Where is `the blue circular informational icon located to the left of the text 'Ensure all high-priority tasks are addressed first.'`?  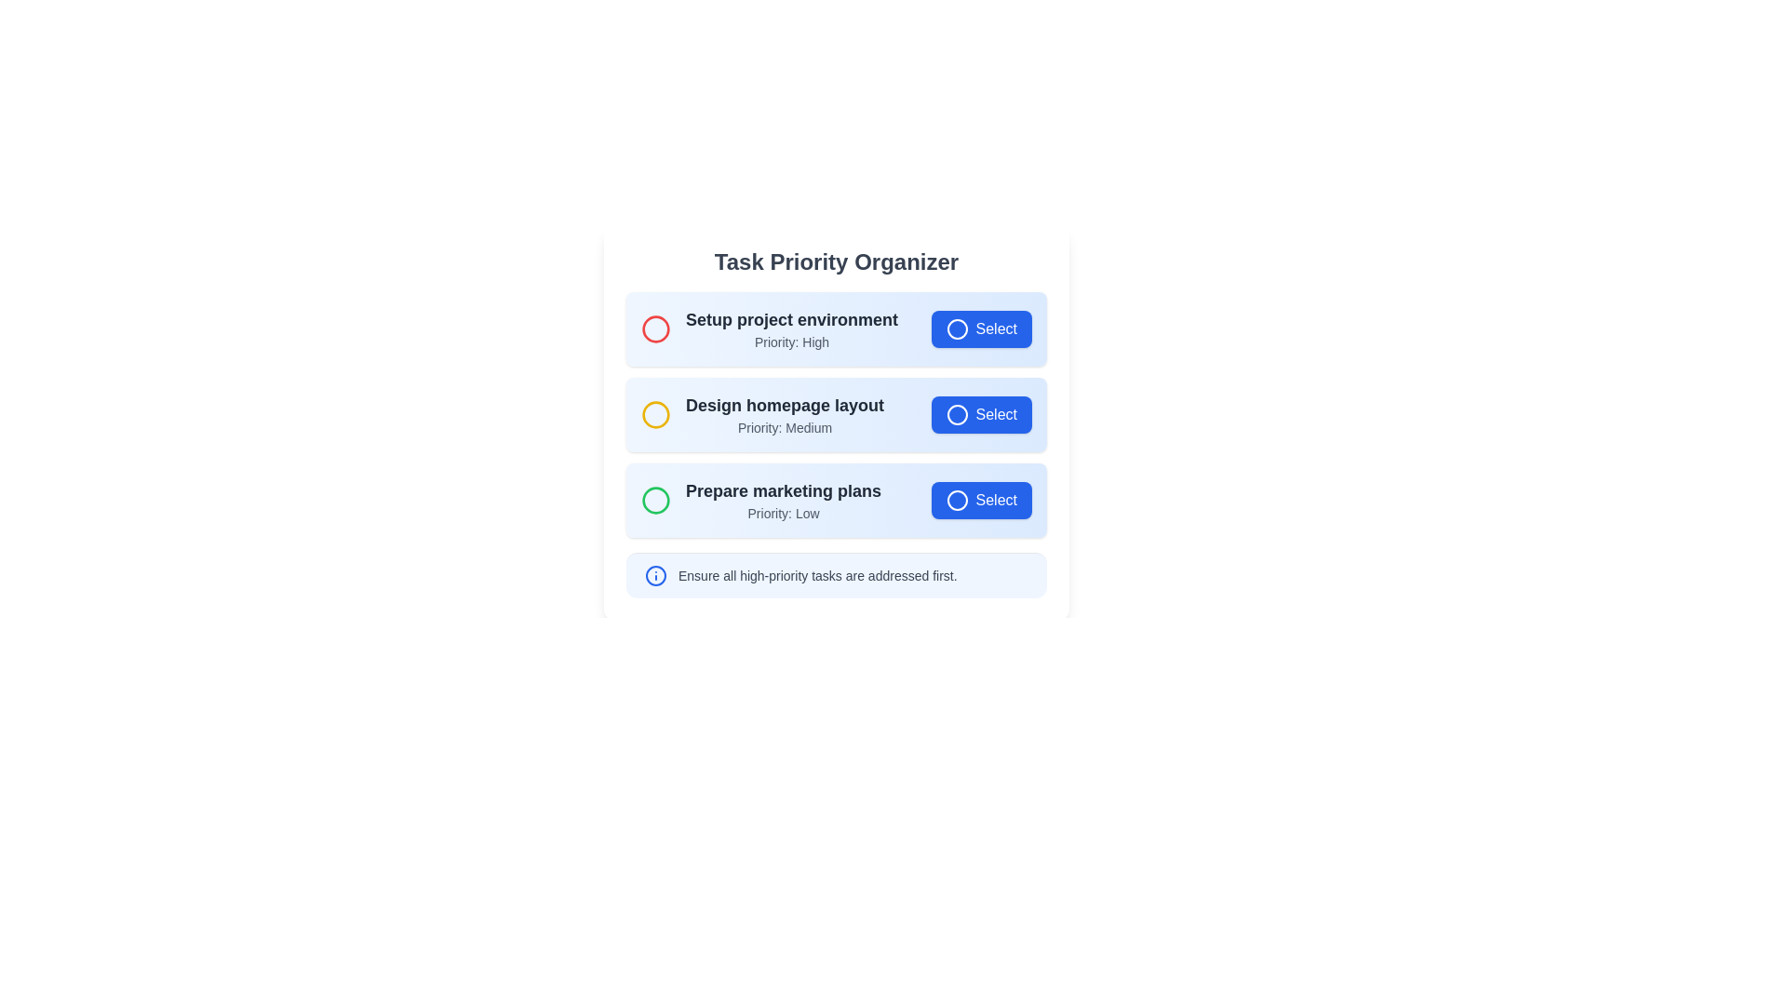 the blue circular informational icon located to the left of the text 'Ensure all high-priority tasks are addressed first.' is located at coordinates (656, 574).